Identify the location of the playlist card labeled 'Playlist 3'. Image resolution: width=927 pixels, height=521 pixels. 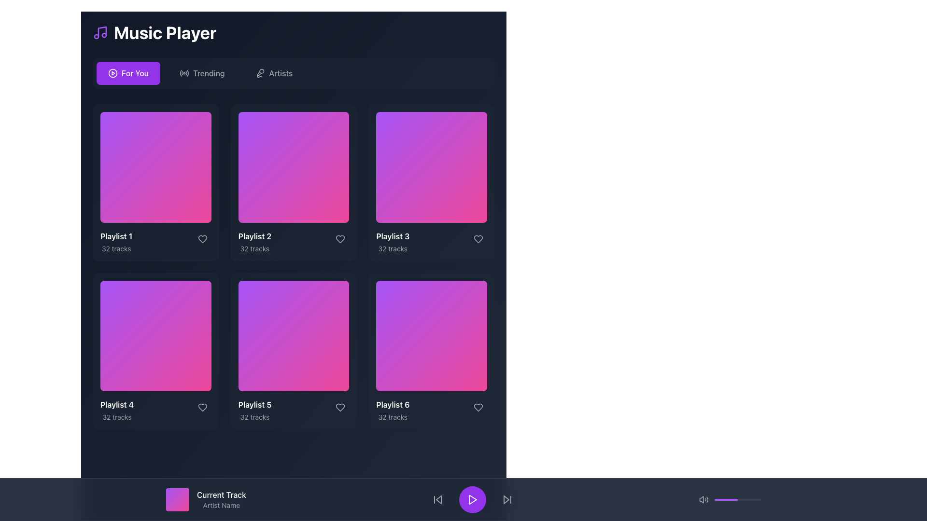
(431, 182).